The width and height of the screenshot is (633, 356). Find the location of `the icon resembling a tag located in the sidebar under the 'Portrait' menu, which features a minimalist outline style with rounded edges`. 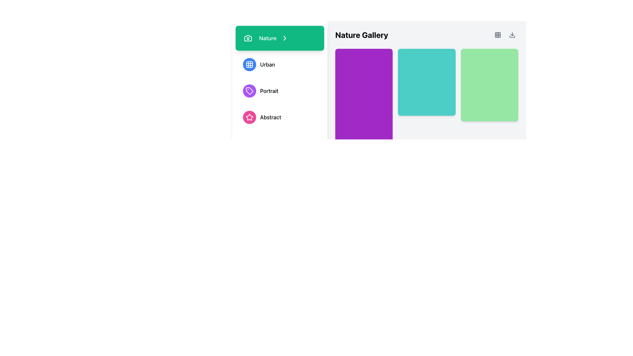

the icon resembling a tag located in the sidebar under the 'Portrait' menu, which features a minimalist outline style with rounded edges is located at coordinates (249, 91).